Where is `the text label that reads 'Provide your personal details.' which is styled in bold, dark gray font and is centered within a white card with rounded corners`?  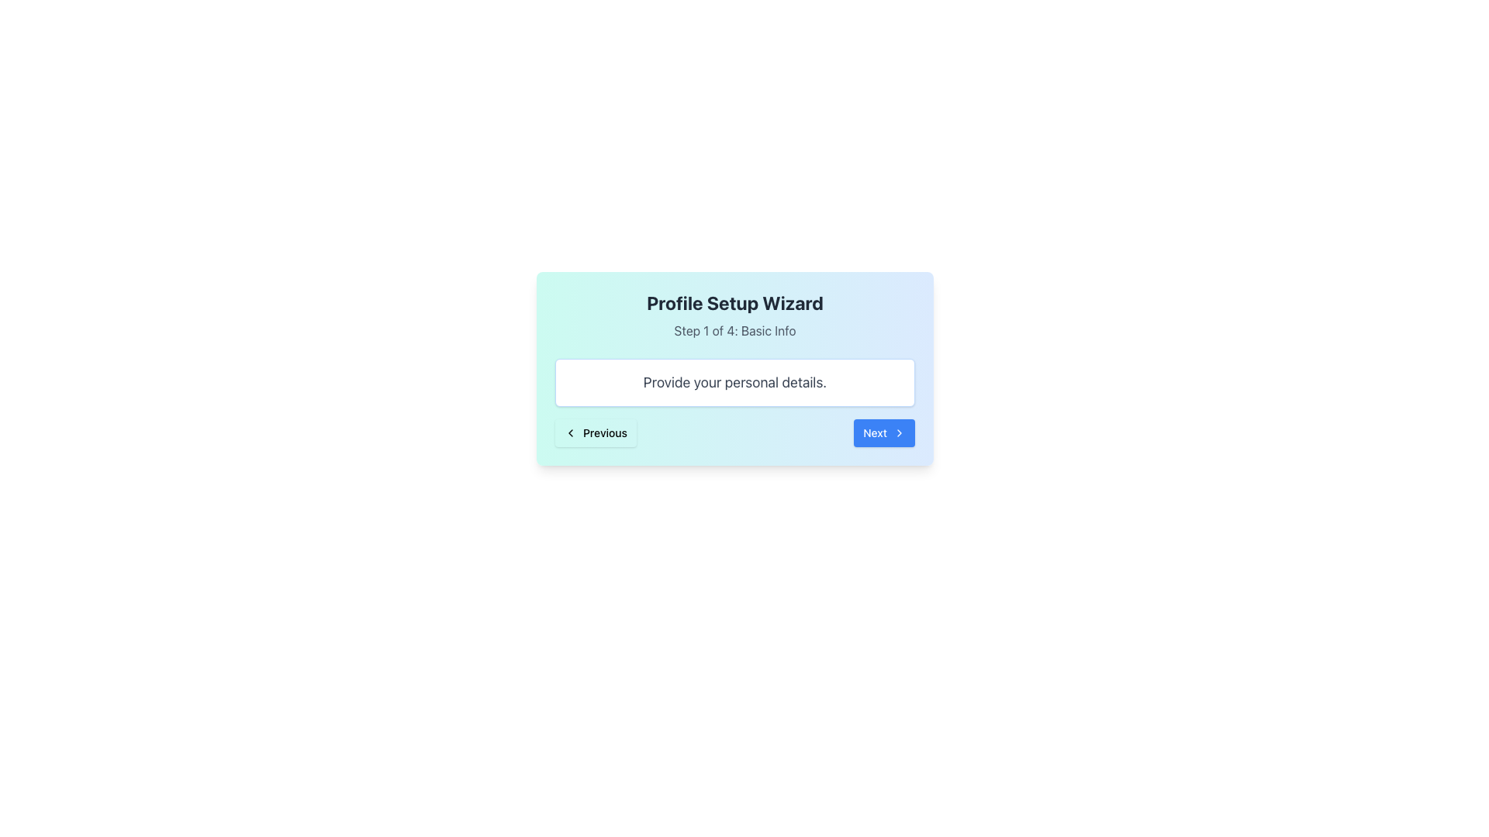 the text label that reads 'Provide your personal details.' which is styled in bold, dark gray font and is centered within a white card with rounded corners is located at coordinates (734, 382).